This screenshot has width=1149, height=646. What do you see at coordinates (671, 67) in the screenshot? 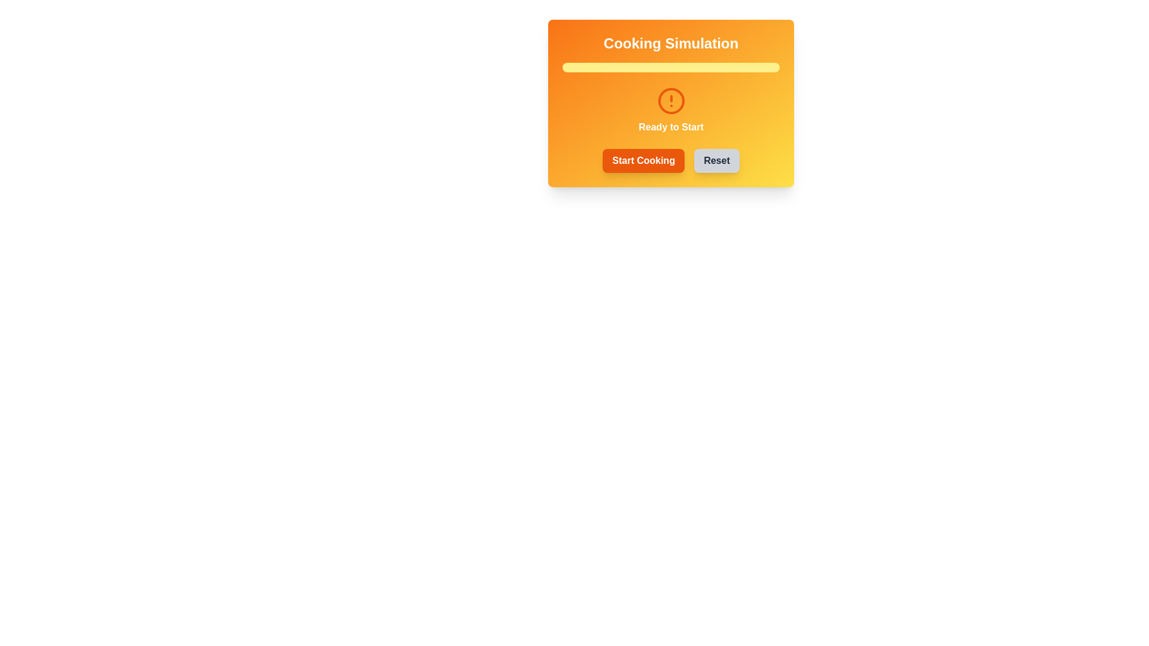
I see `the horizontal progress bar with a yellow background and an orange segment indicating progress, located below the 'Cooking Simulation' title and above the 'Ready to Start' text` at bounding box center [671, 67].